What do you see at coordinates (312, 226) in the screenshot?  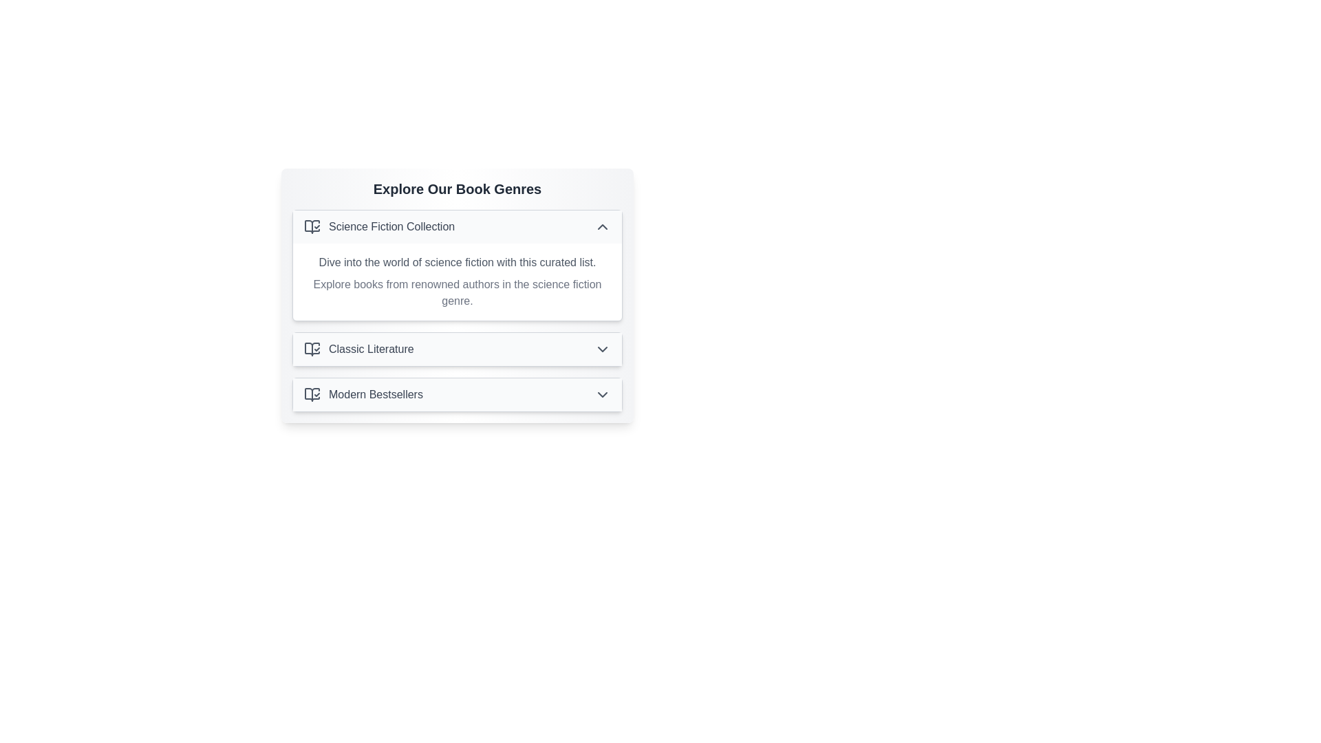 I see `the icon resembling an open book with a check mark, located to the left of the text 'Science Fiction Collection'` at bounding box center [312, 226].